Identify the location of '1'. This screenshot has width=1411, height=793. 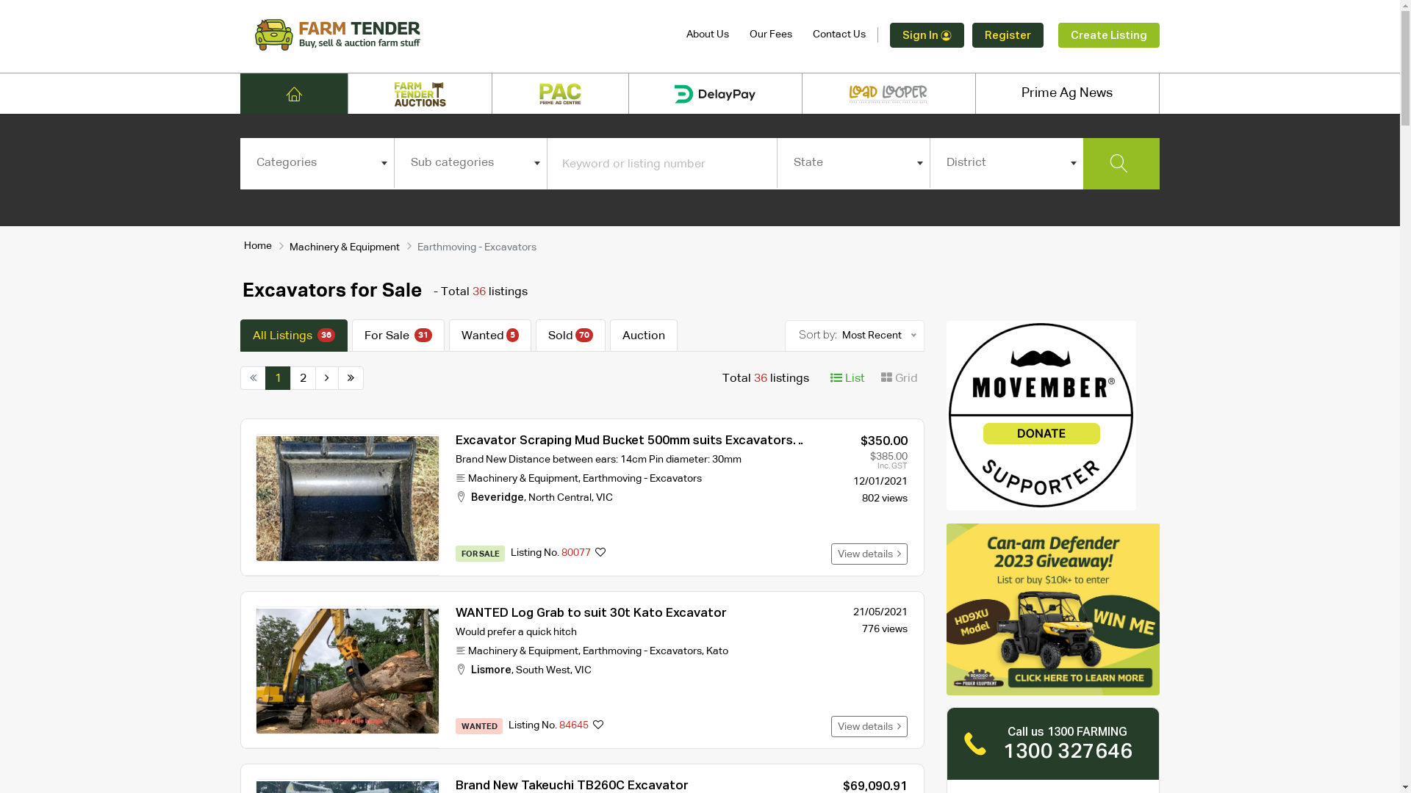
(278, 377).